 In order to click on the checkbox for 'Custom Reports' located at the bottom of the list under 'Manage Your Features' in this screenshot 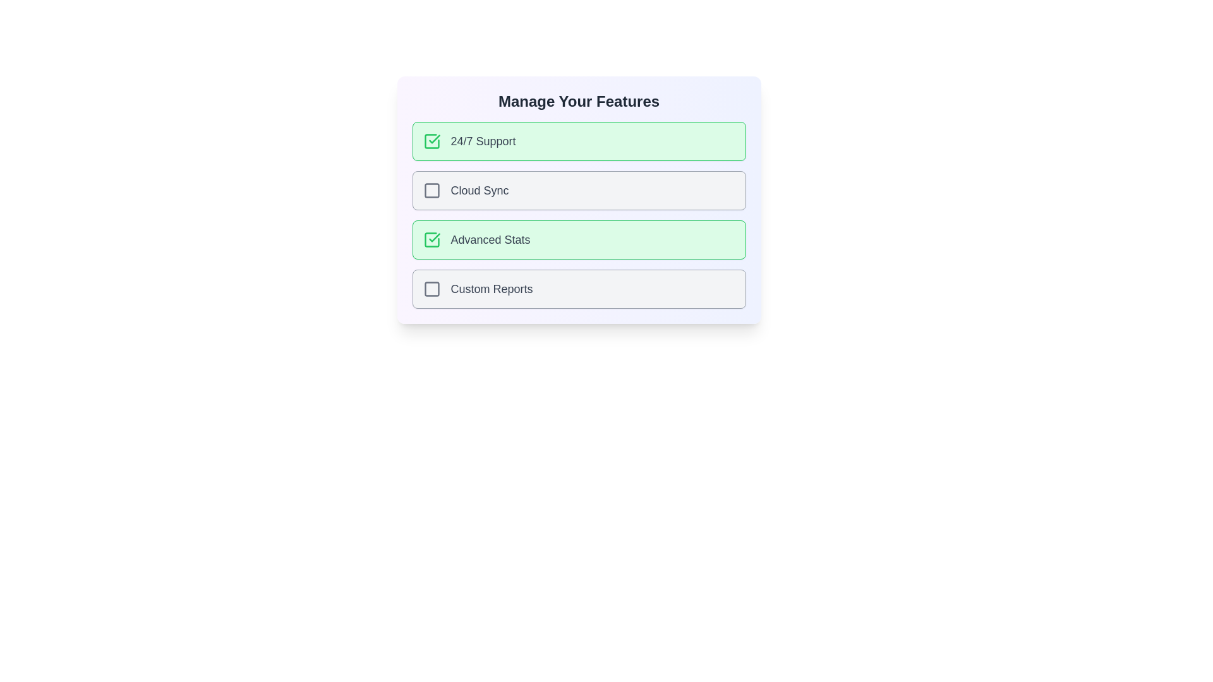, I will do `click(477, 289)`.